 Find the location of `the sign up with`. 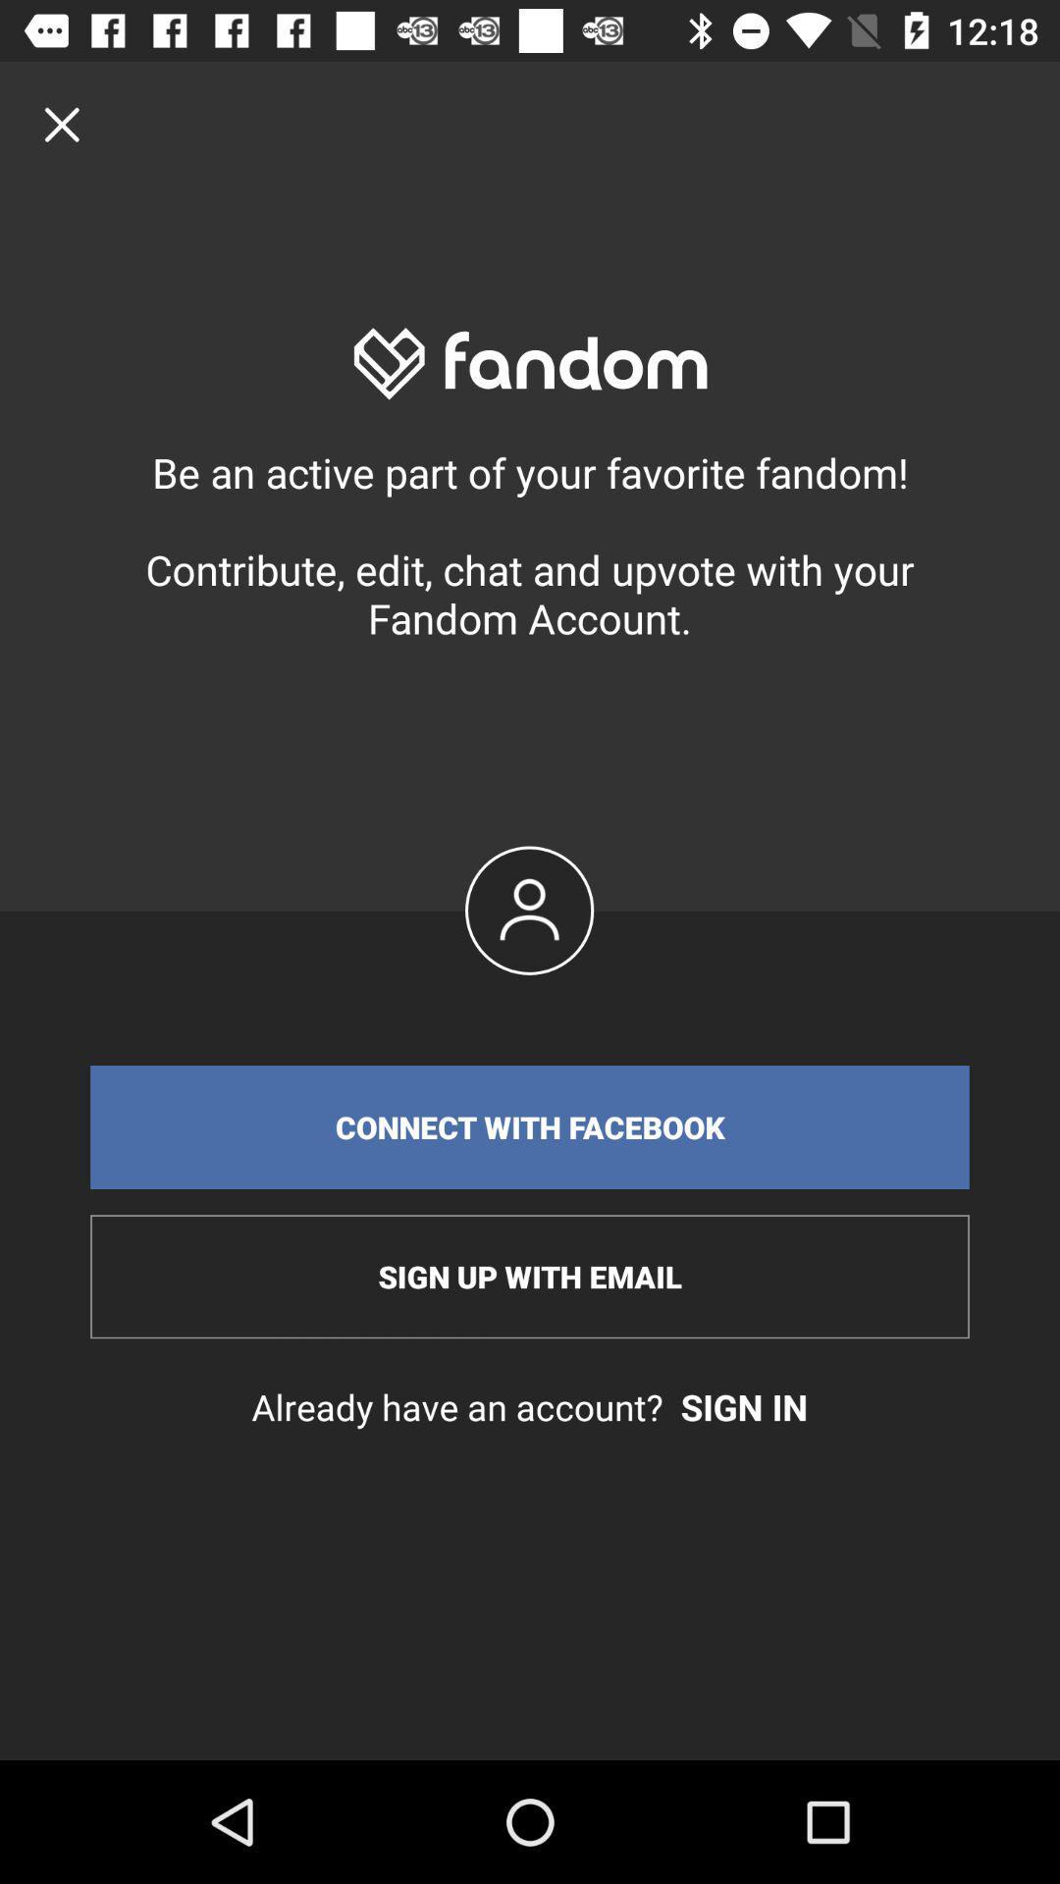

the sign up with is located at coordinates (530, 1277).